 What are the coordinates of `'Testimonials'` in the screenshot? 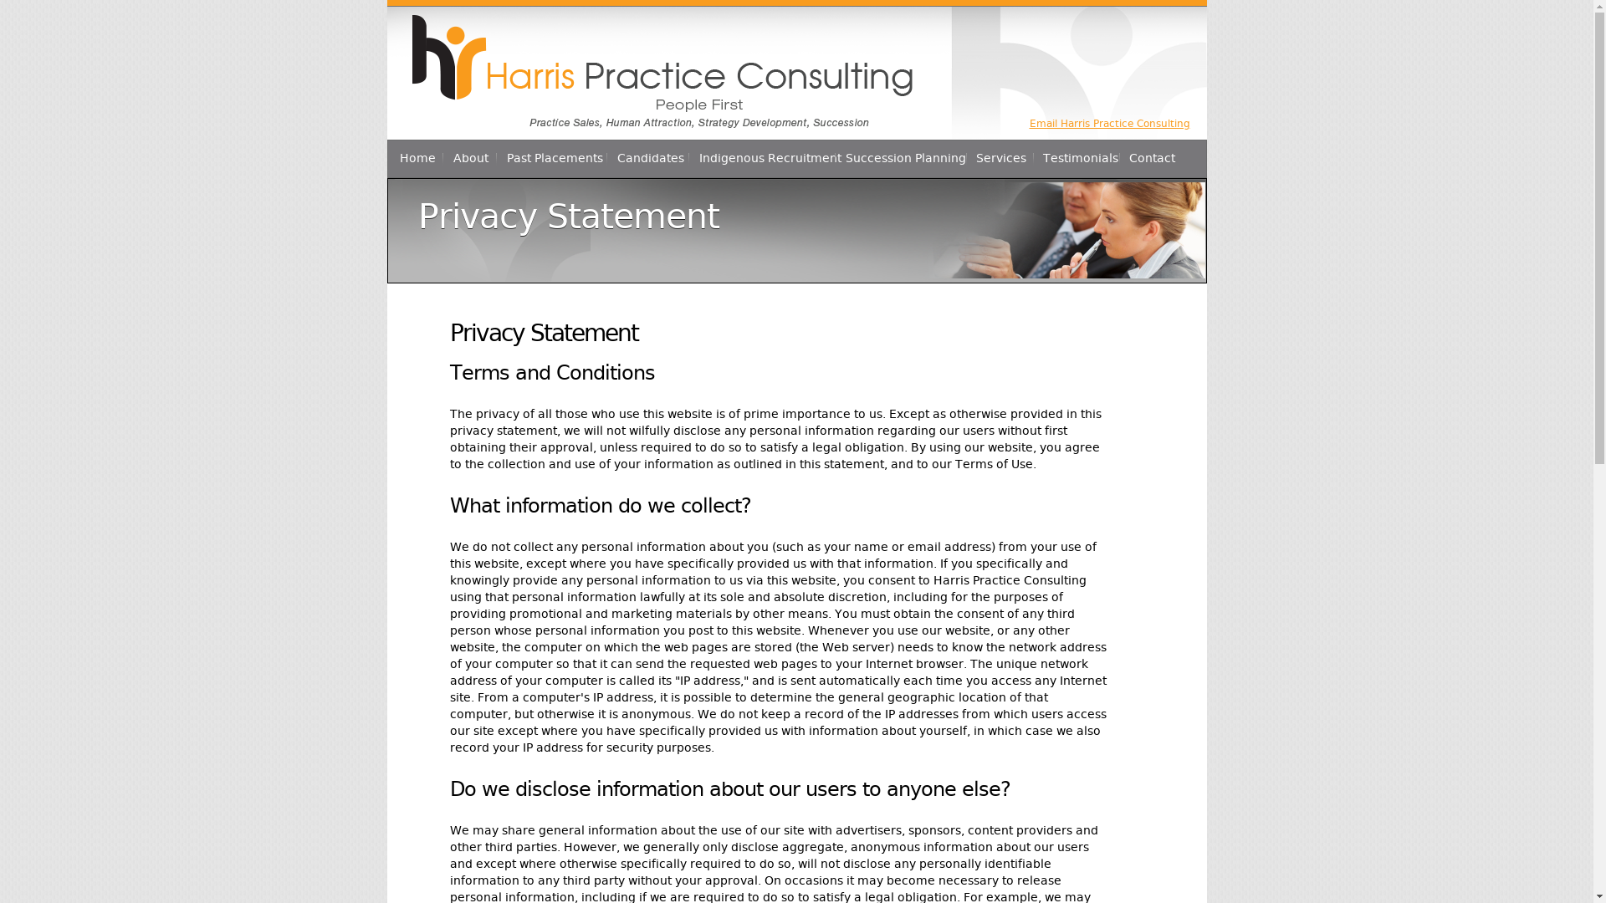 It's located at (1080, 158).